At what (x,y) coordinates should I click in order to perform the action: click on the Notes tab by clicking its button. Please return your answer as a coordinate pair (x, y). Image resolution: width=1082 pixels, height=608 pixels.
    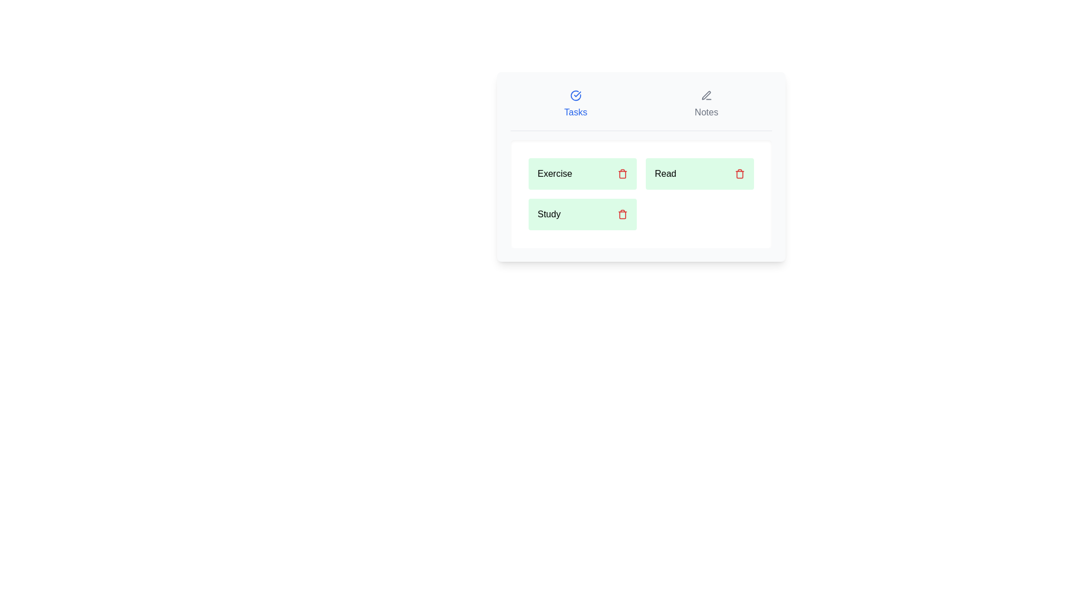
    Looking at the image, I should click on (706, 104).